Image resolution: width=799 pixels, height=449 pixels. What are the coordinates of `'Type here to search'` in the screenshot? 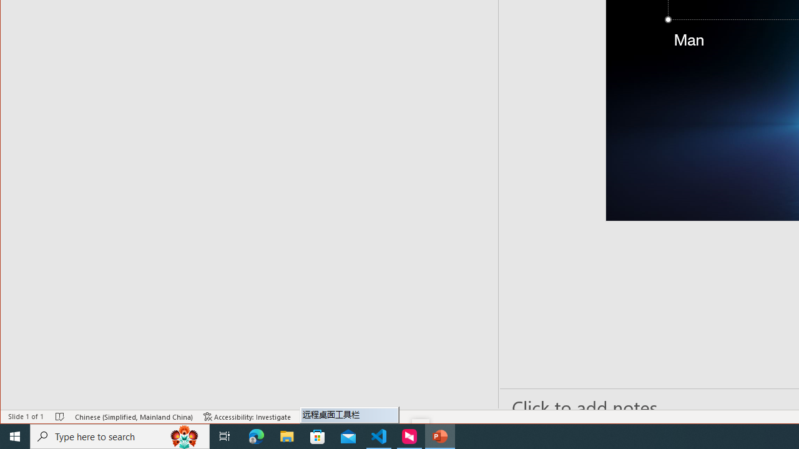 It's located at (120, 435).